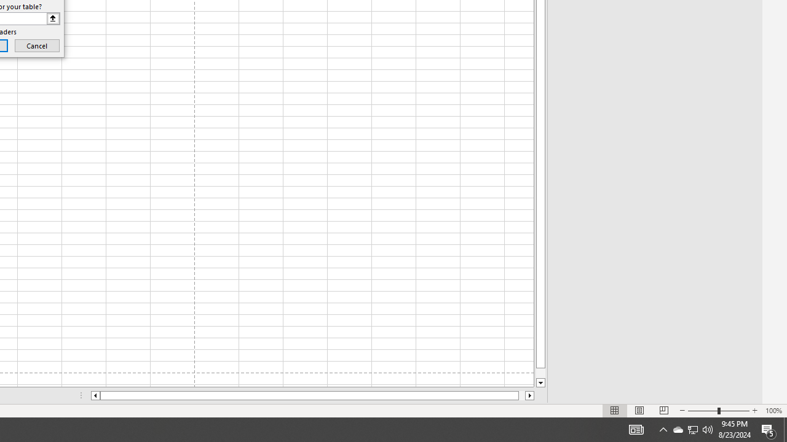 The height and width of the screenshot is (442, 787). What do you see at coordinates (312, 395) in the screenshot?
I see `'Class: NetUIScrollBar'` at bounding box center [312, 395].